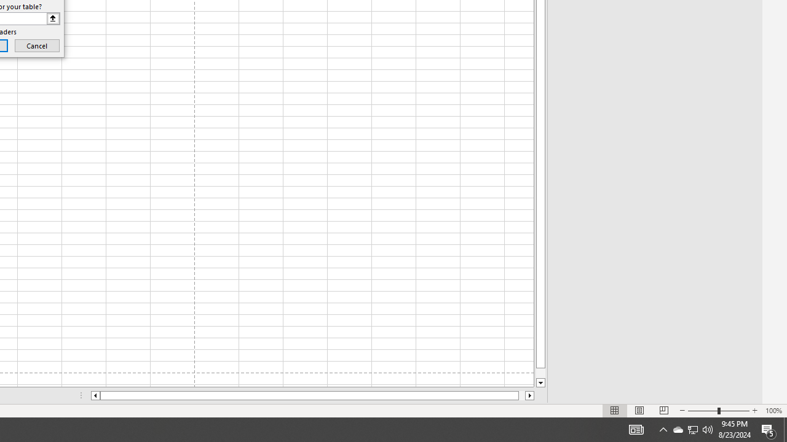 The height and width of the screenshot is (442, 787). What do you see at coordinates (312, 395) in the screenshot?
I see `'Class: NetUIScrollBar'` at bounding box center [312, 395].